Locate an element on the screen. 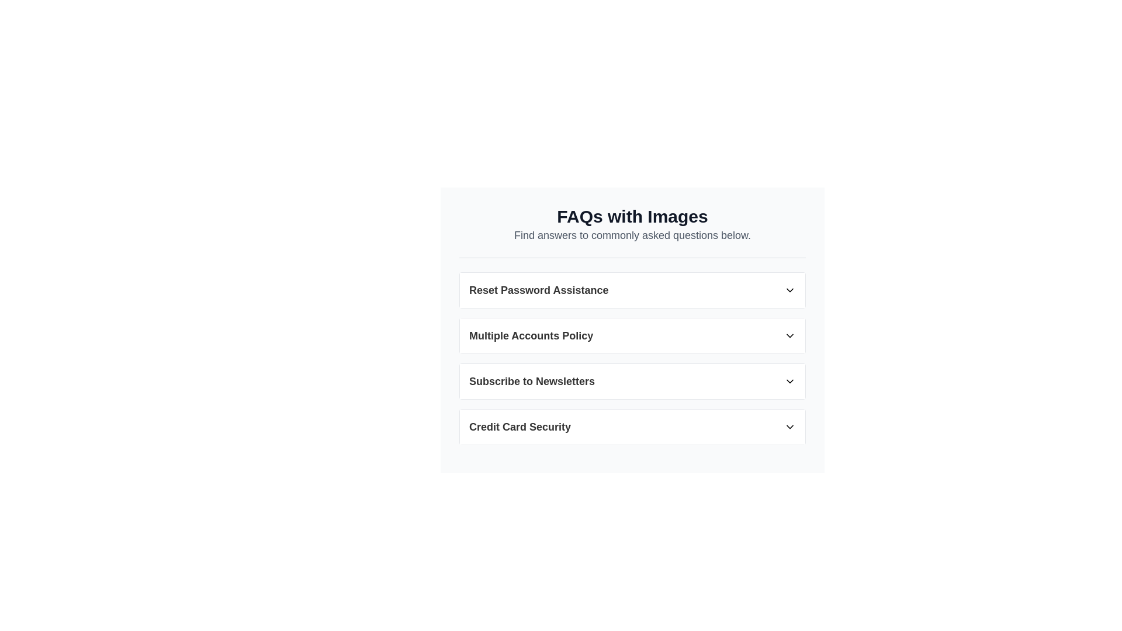  the Chevron Down Icon located in the header of the 'Reset Password Assistance' section is located at coordinates (790, 290).